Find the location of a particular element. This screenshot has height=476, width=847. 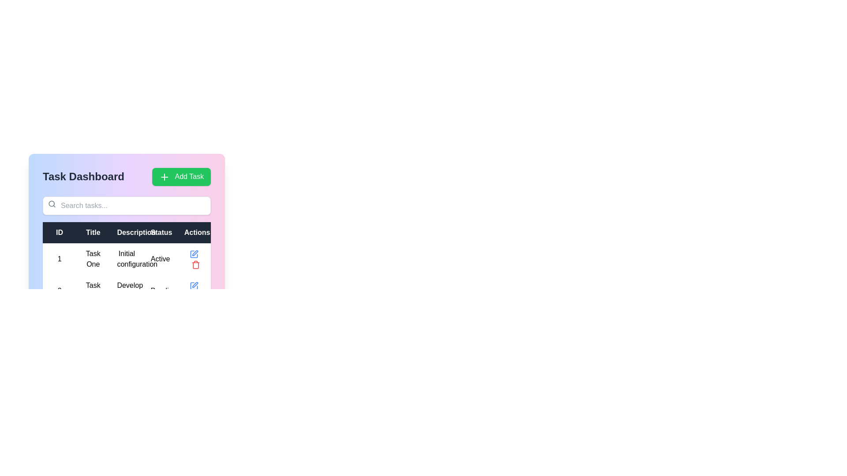

the text label displaying 'Status', which is the fourth column header in the table, positioned between 'Description' and 'Actions' is located at coordinates (160, 232).